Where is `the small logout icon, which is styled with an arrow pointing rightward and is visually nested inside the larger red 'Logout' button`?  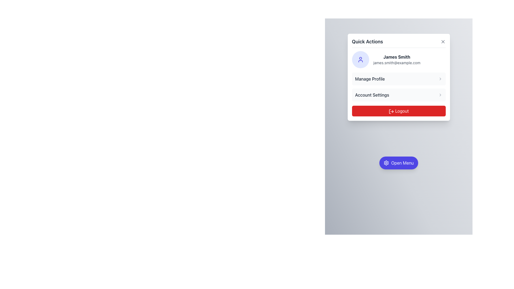 the small logout icon, which is styled with an arrow pointing rightward and is visually nested inside the larger red 'Logout' button is located at coordinates (391, 111).